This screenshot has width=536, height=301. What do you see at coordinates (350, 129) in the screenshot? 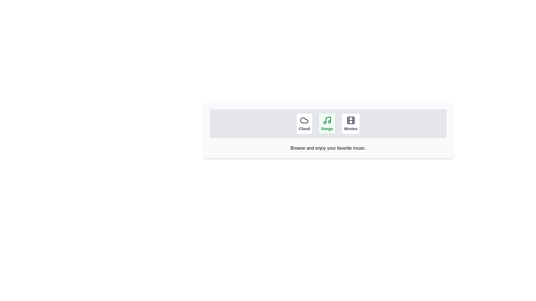
I see `the text label displaying 'Movies', which is the third button in a horizontal arrangement of buttons labeled 'Cloud', 'Songs', and 'Movies'` at bounding box center [350, 129].